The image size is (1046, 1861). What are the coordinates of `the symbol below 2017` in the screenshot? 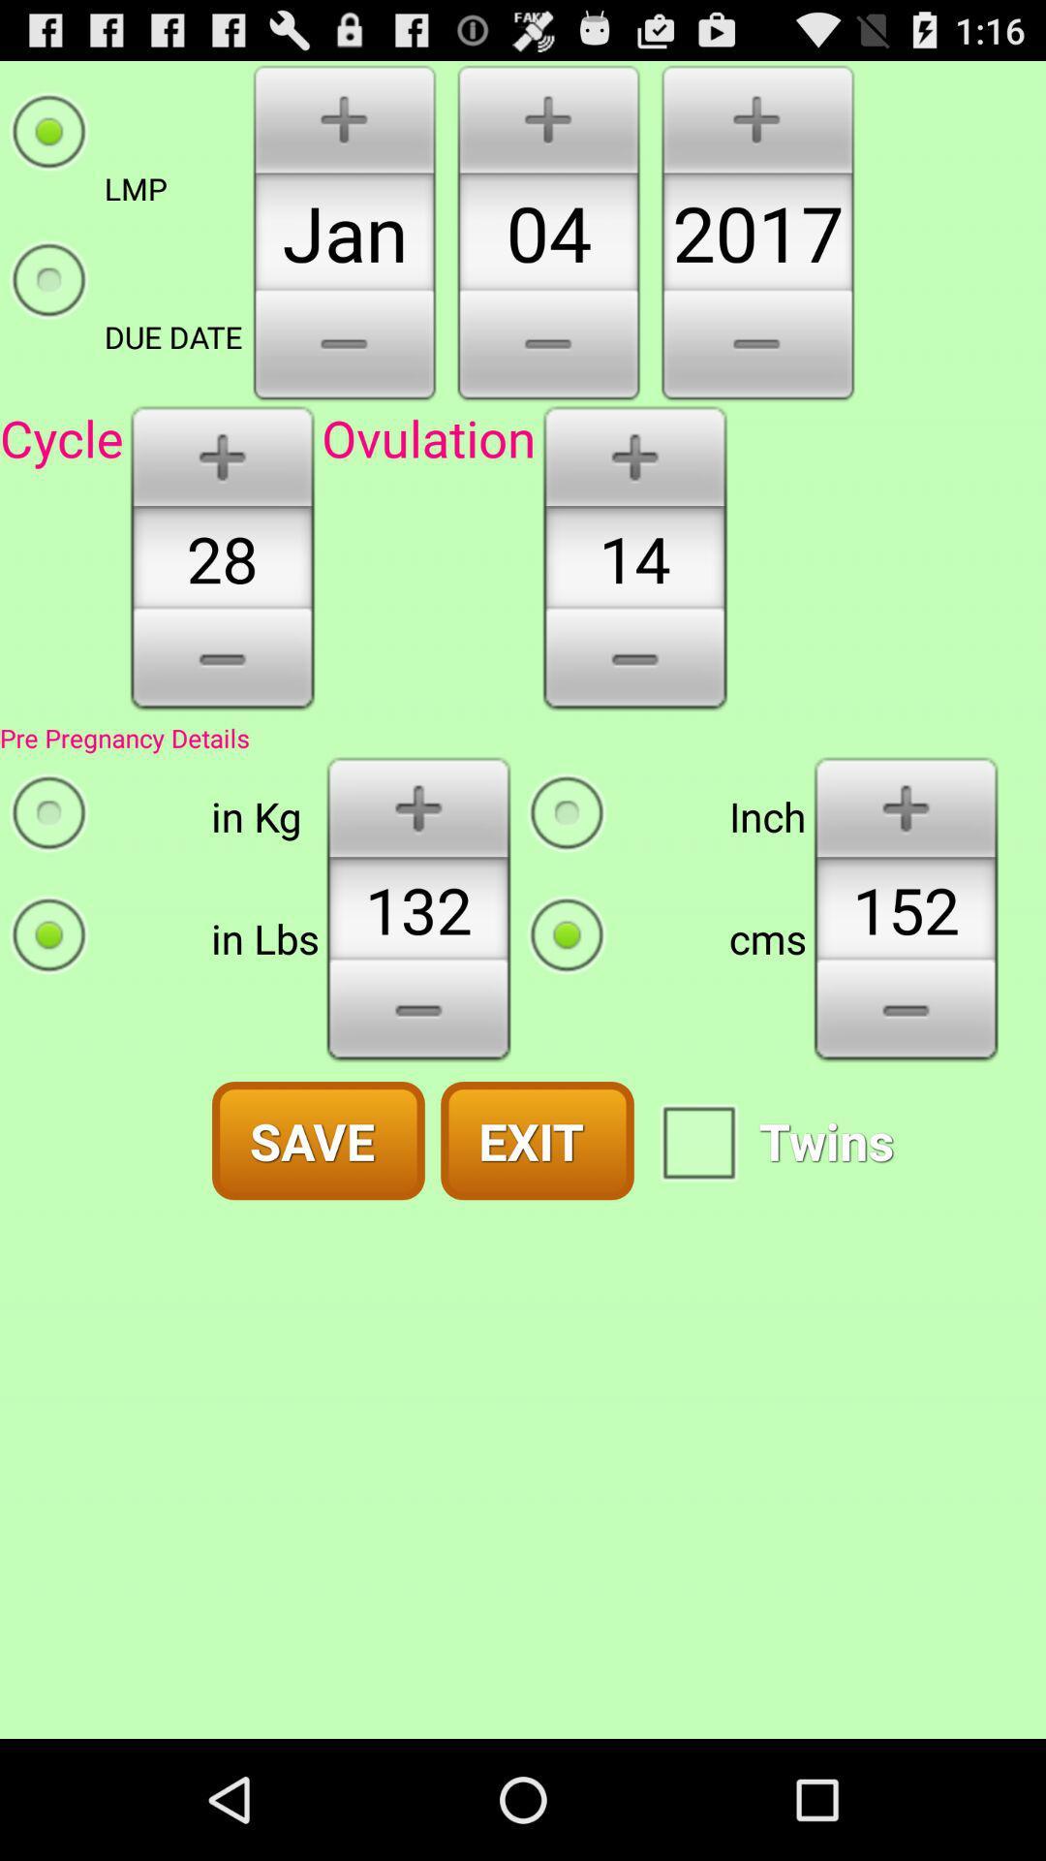 It's located at (756, 348).